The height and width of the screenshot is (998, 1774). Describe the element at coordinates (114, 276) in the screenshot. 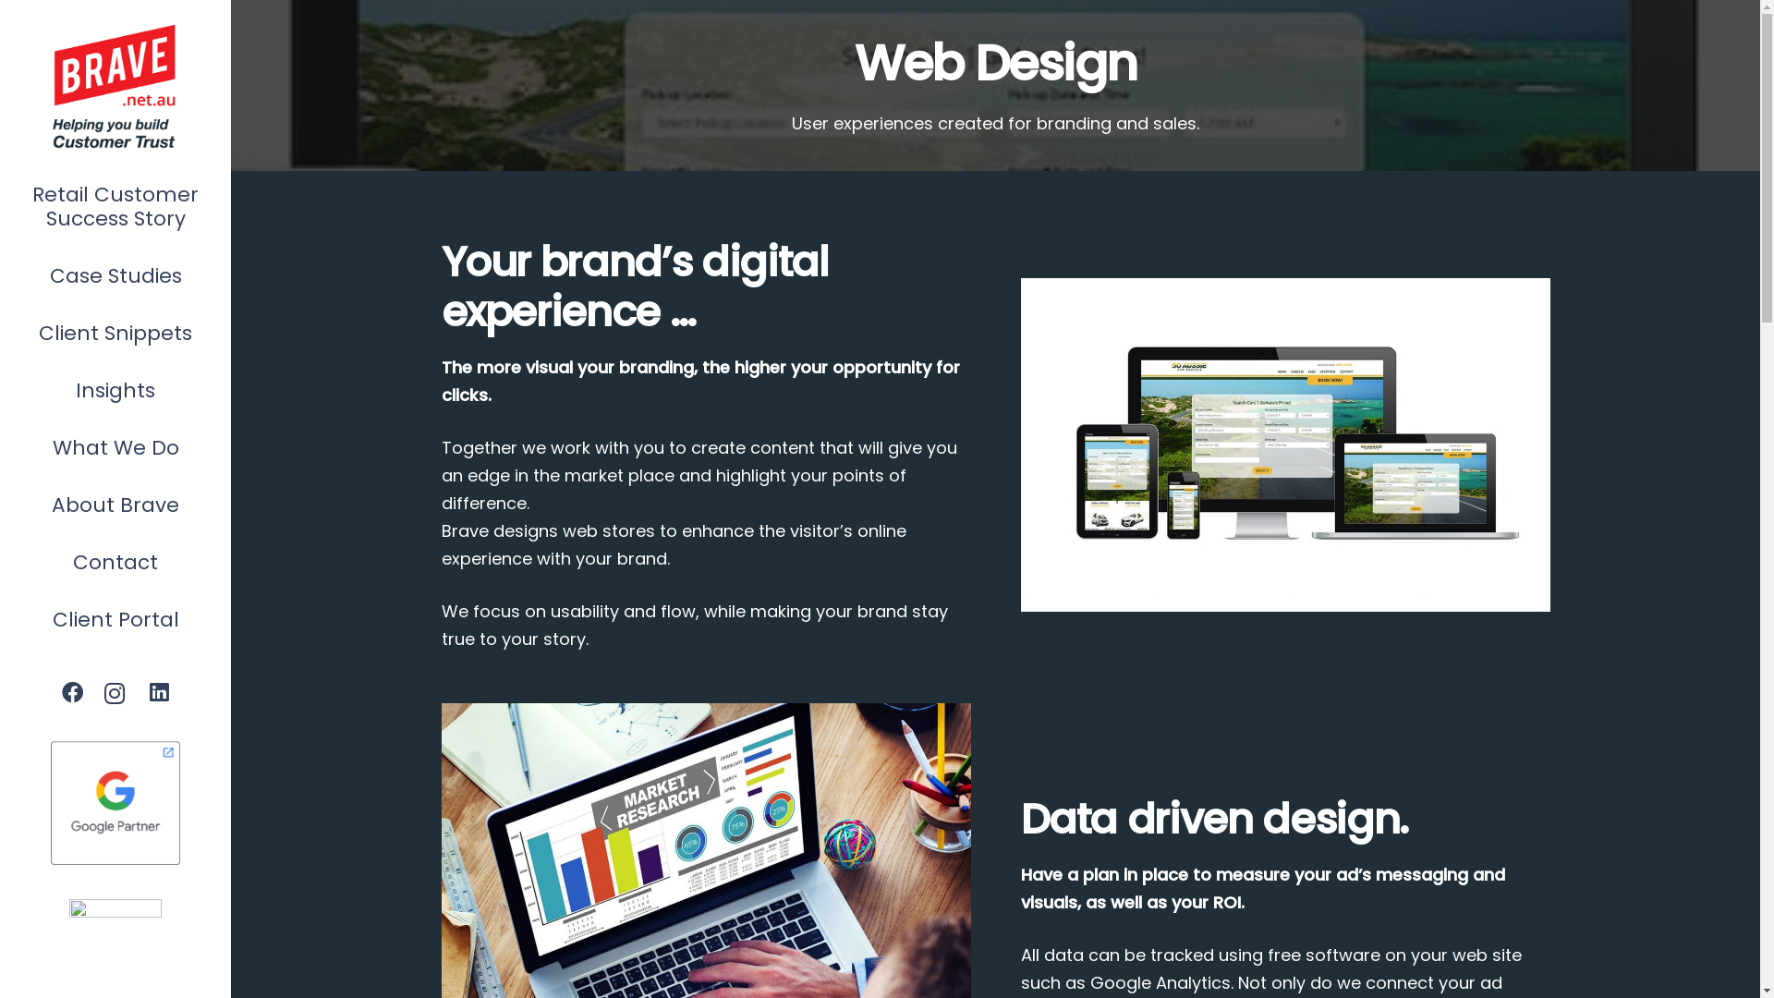

I see `'Case Studies'` at that location.